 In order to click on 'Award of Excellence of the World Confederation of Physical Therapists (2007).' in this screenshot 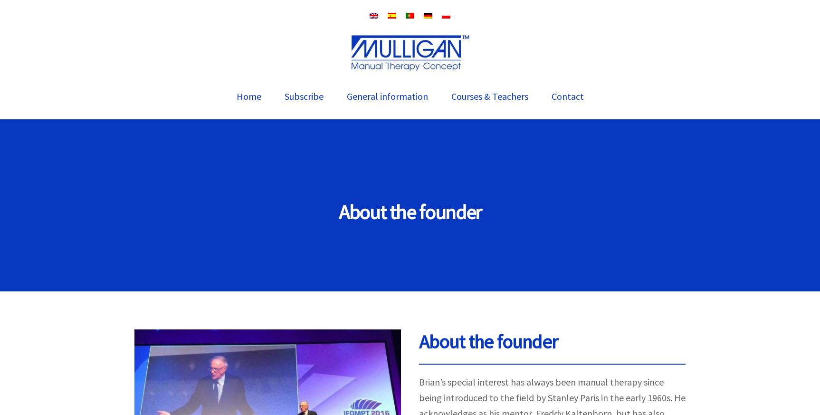, I will do `click(434, 349)`.